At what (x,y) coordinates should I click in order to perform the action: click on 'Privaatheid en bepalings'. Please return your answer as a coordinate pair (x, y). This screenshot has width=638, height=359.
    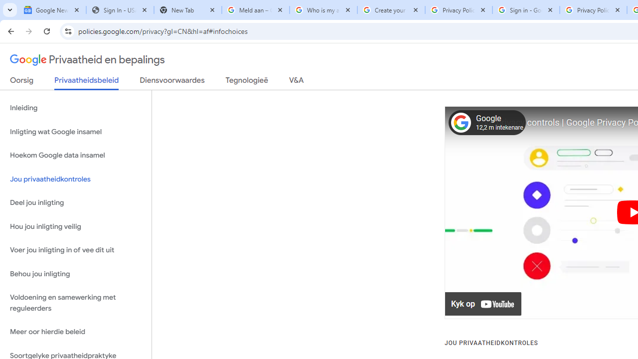
    Looking at the image, I should click on (88, 60).